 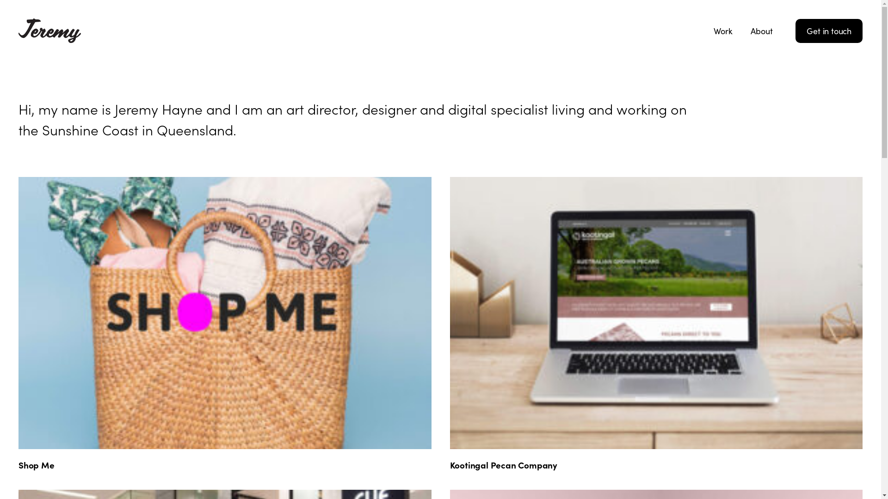 What do you see at coordinates (722, 30) in the screenshot?
I see `'Work'` at bounding box center [722, 30].